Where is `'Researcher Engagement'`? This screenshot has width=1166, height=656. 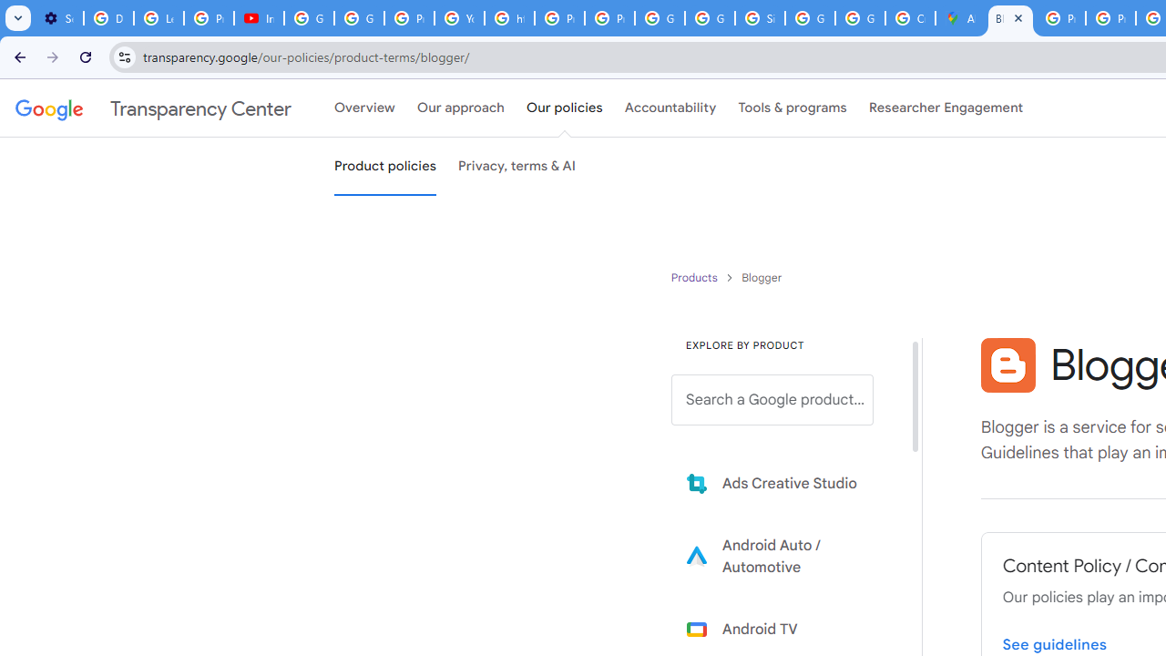 'Researcher Engagement' is located at coordinates (946, 108).